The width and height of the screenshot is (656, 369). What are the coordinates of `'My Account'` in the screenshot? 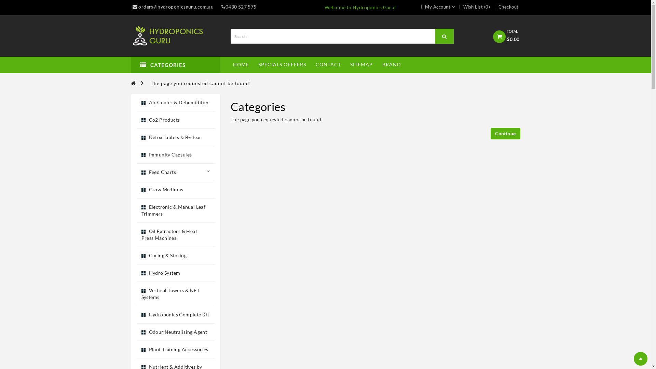 It's located at (418, 6).